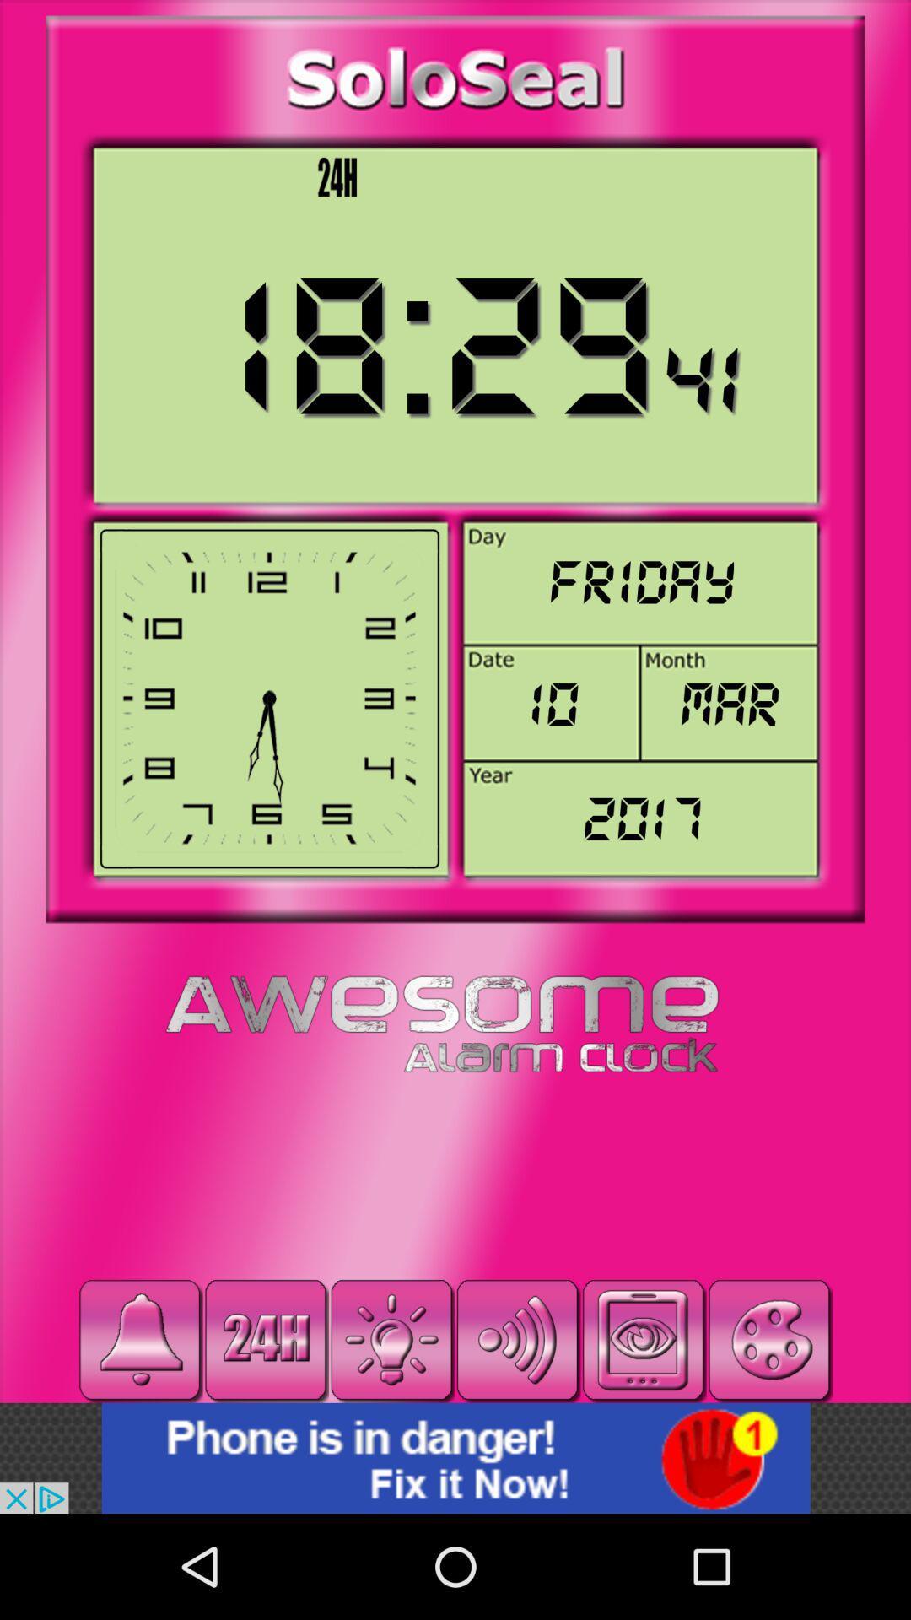 Image resolution: width=911 pixels, height=1620 pixels. What do you see at coordinates (644, 1339) in the screenshot?
I see `keep screen awake` at bounding box center [644, 1339].